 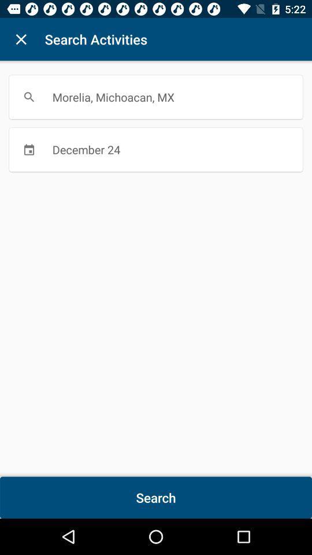 What do you see at coordinates (156, 149) in the screenshot?
I see `the icon below the morelia, michoacan, mx icon` at bounding box center [156, 149].